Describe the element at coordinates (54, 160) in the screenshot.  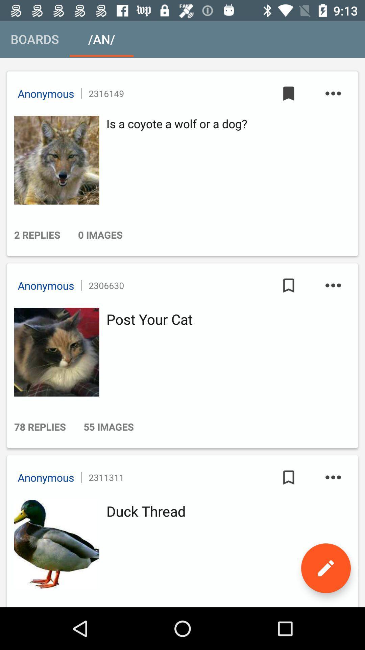
I see `image thumnail` at that location.